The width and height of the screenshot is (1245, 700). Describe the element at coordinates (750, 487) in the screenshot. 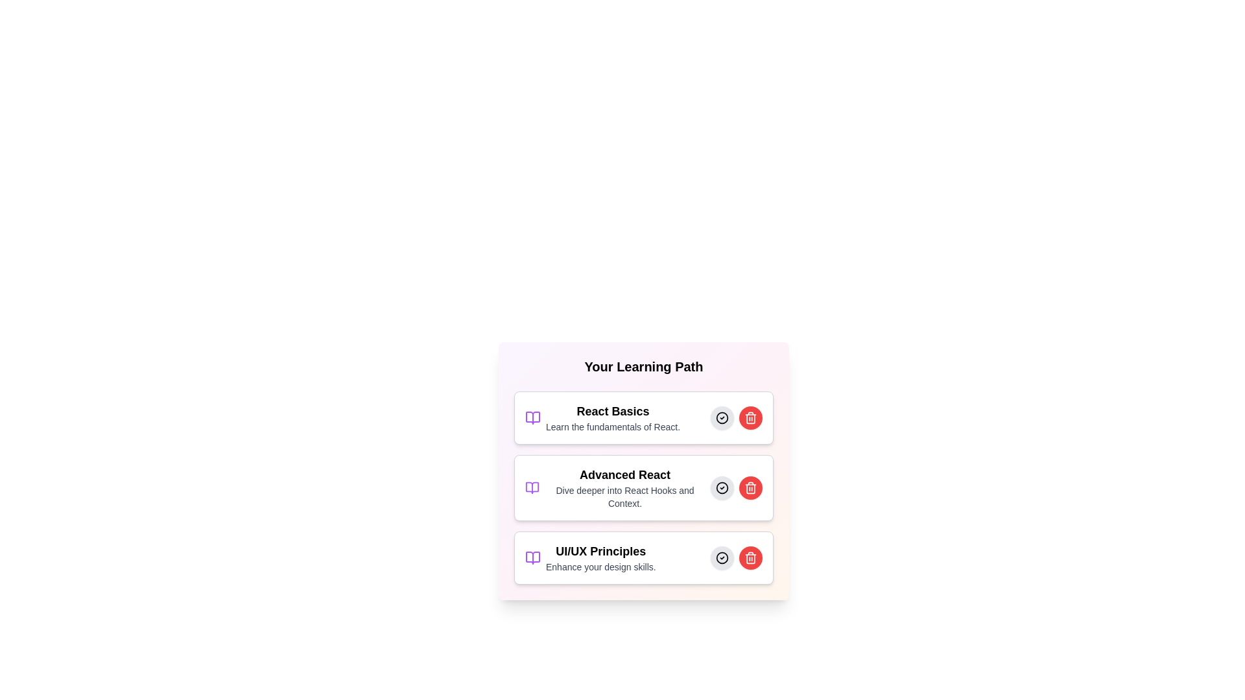

I see `trash icon to remove the learning material titled Advanced React` at that location.